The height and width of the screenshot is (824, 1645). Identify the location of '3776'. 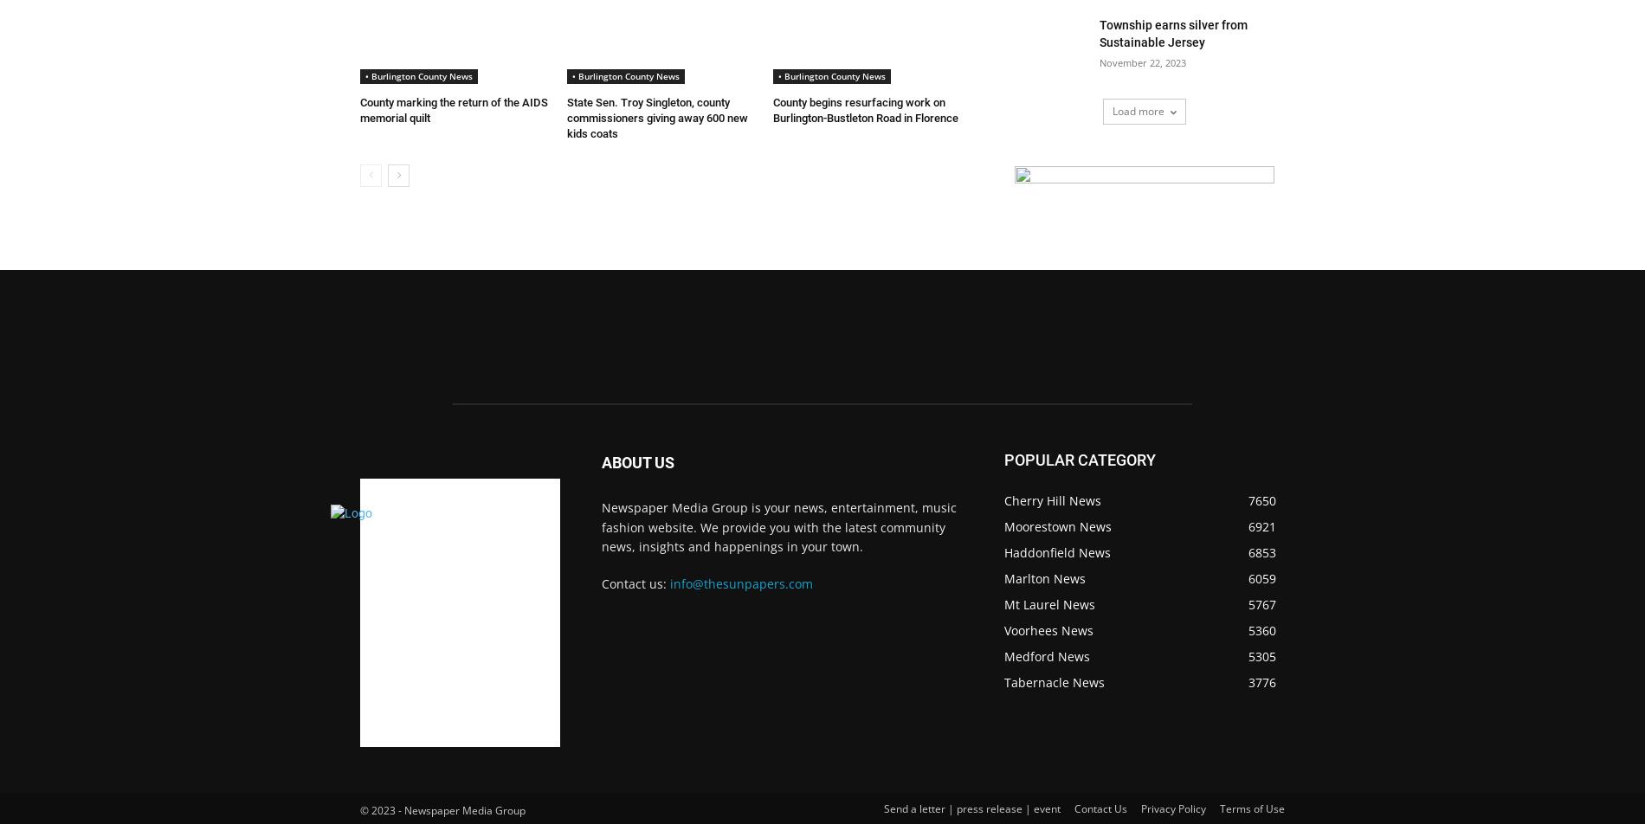
(1262, 682).